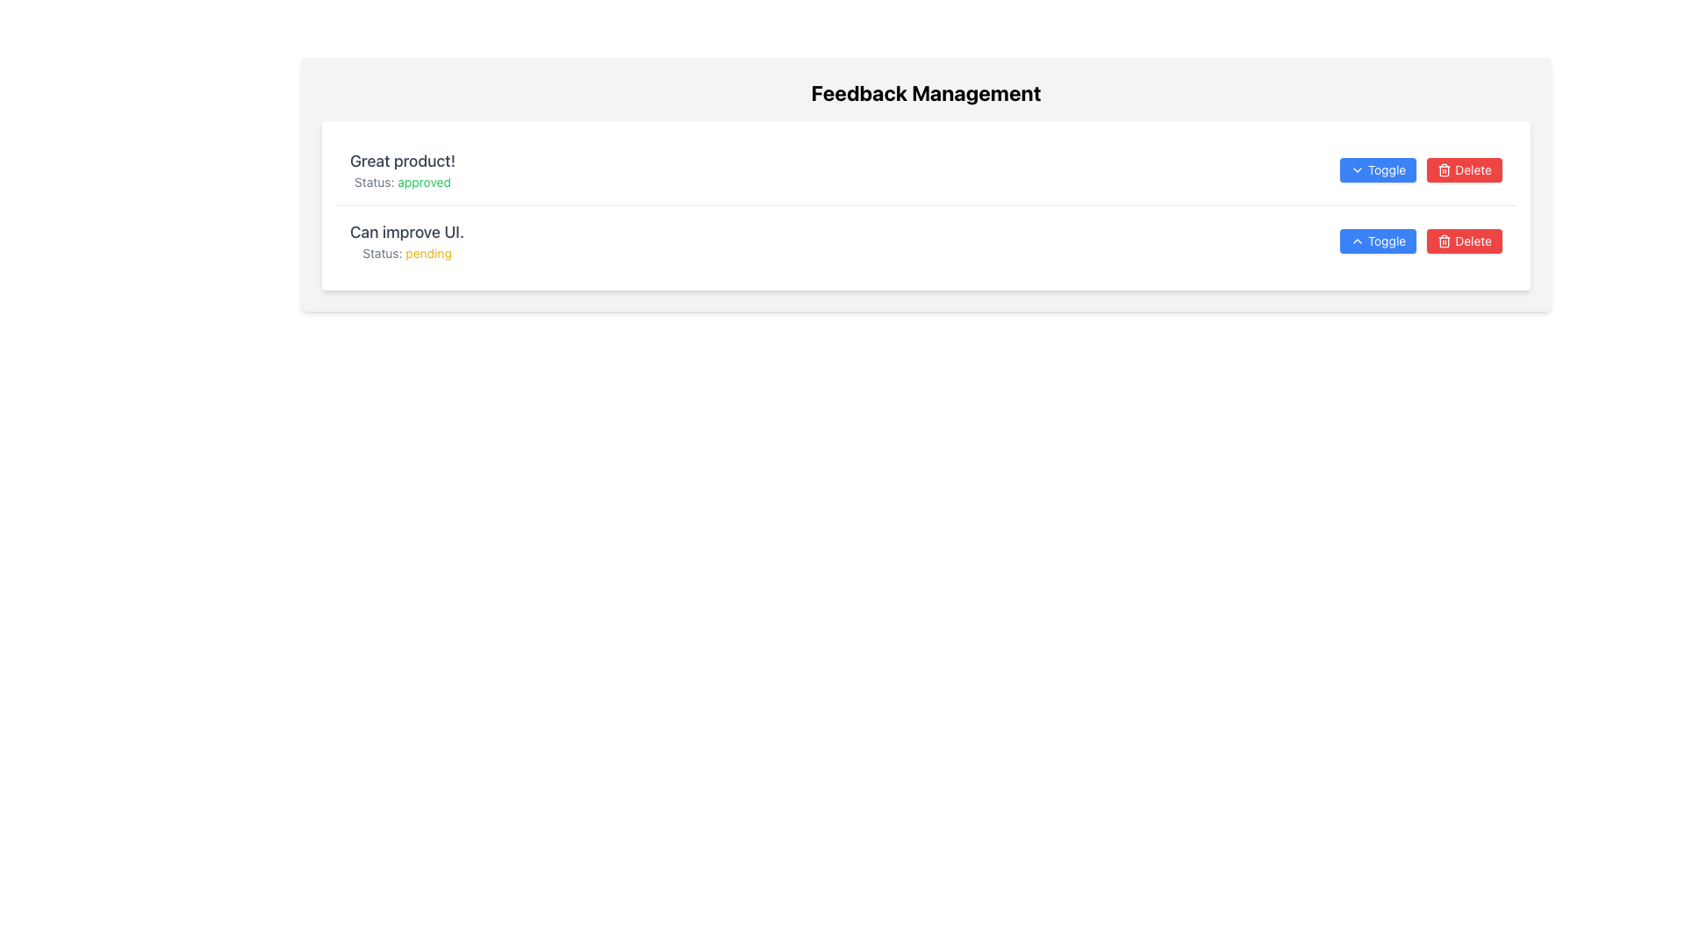 This screenshot has height=948, width=1685. I want to click on the toggle button located to the right of the second feedback row, which is the first button in the interactive group and is positioned to the left of the 'Delete' button, so click(1377, 241).